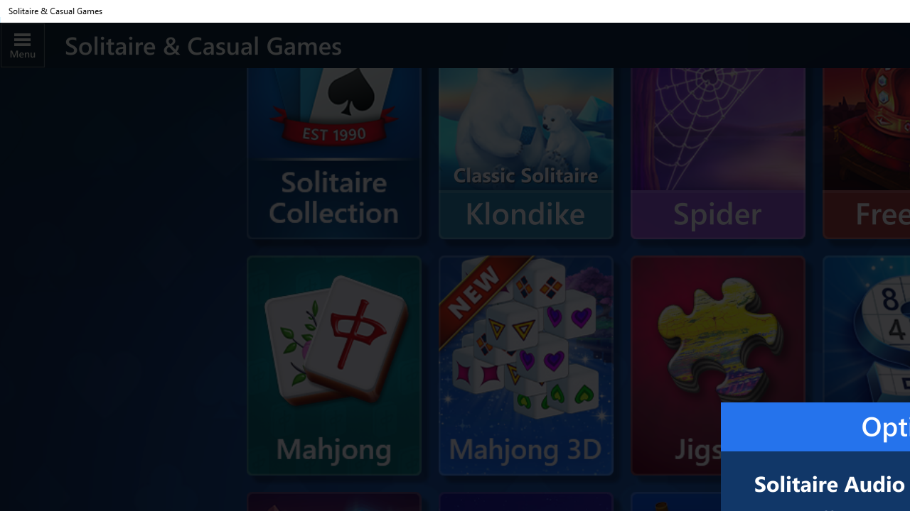 The image size is (910, 511). What do you see at coordinates (717, 361) in the screenshot?
I see `'Microsoft Jigsaw'` at bounding box center [717, 361].